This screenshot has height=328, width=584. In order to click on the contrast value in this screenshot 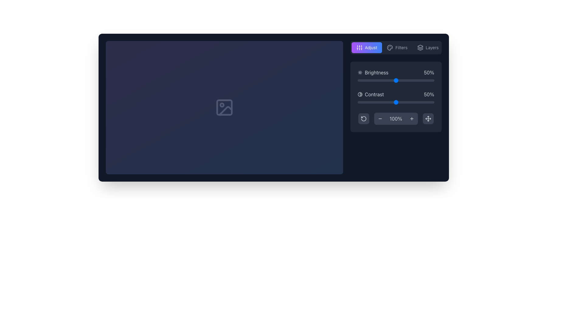, I will do `click(359, 102)`.